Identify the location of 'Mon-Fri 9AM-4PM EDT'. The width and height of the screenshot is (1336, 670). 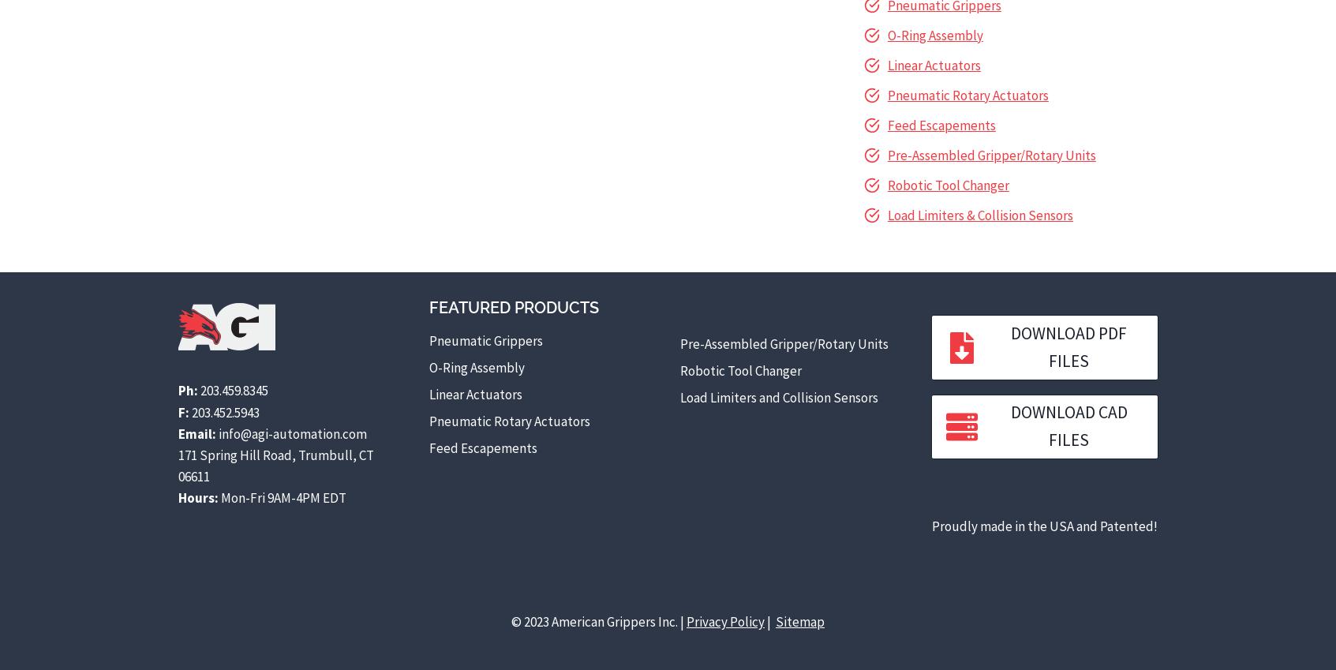
(282, 497).